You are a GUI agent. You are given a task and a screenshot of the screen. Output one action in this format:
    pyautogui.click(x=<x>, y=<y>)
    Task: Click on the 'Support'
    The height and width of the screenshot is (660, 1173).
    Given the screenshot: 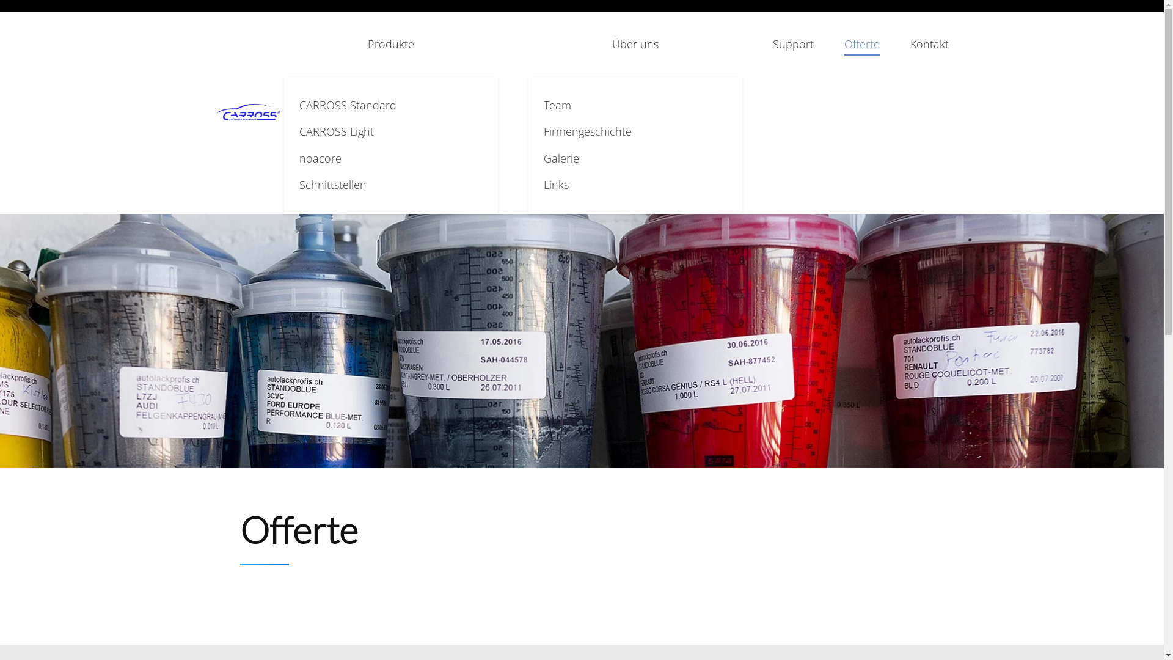 What is the action you would take?
    pyautogui.click(x=792, y=44)
    